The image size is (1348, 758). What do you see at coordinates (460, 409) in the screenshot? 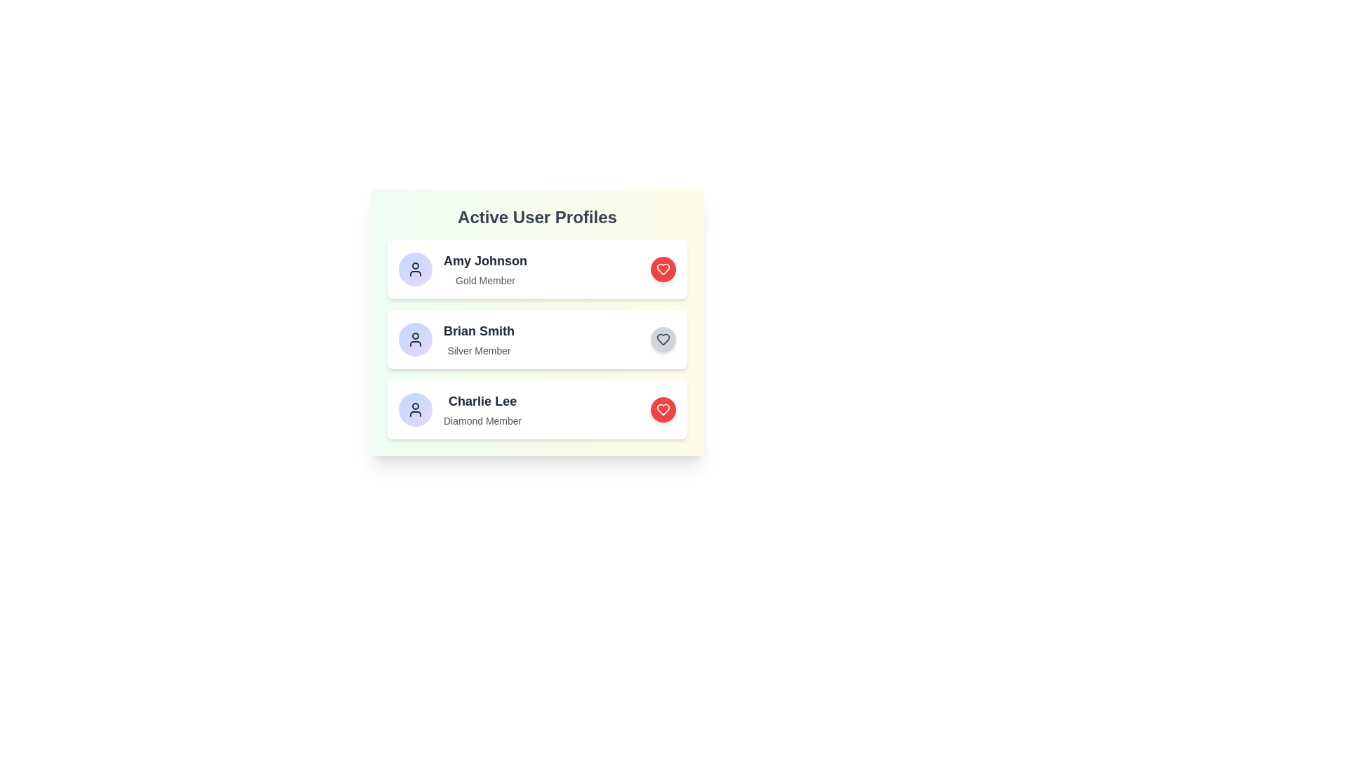
I see `the third user profile card in the vertically stacked list` at bounding box center [460, 409].